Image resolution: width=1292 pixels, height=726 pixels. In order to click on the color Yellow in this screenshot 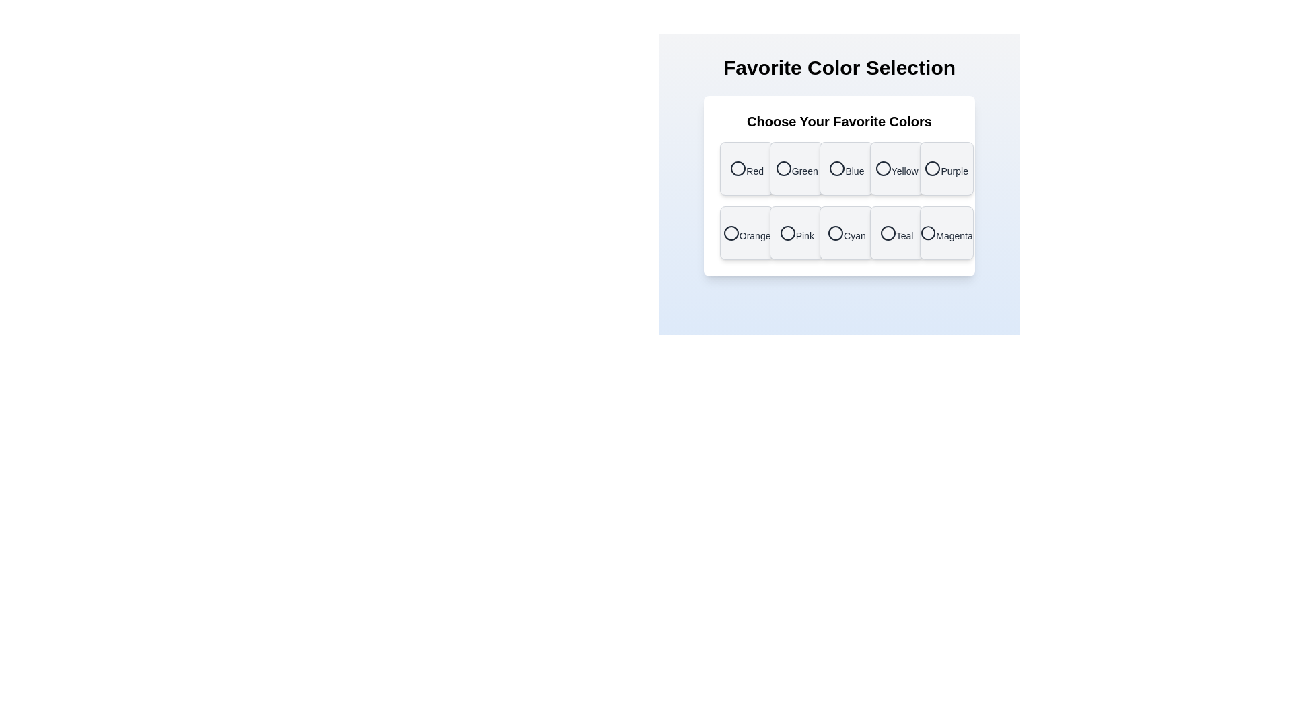, I will do `click(896, 167)`.